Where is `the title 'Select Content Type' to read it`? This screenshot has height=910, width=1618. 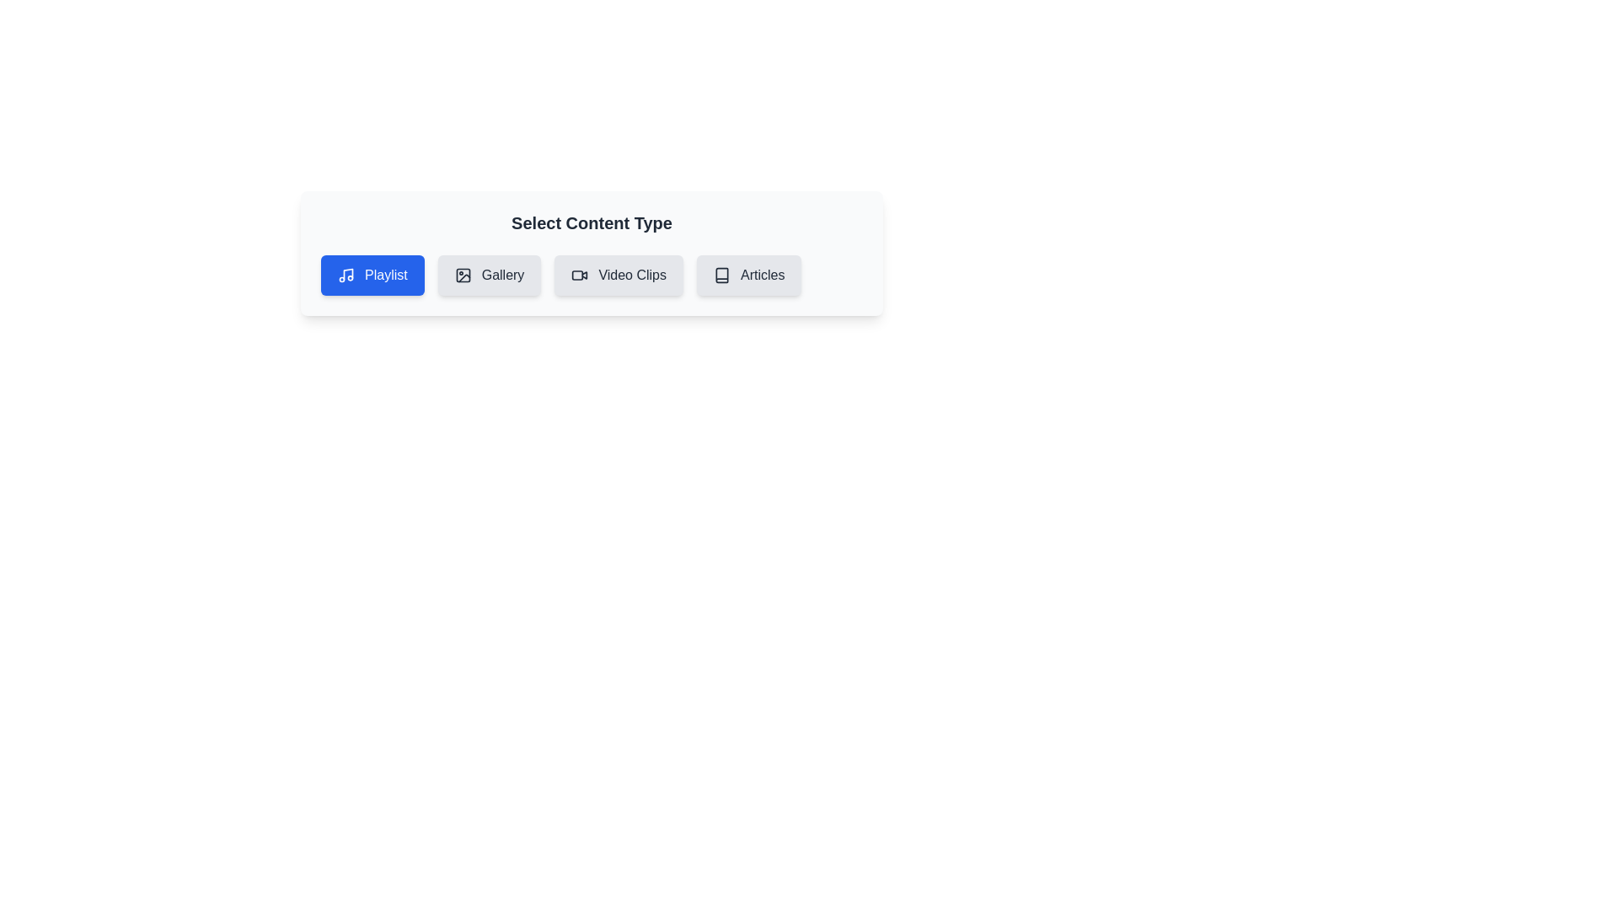
the title 'Select Content Type' to read it is located at coordinates (592, 222).